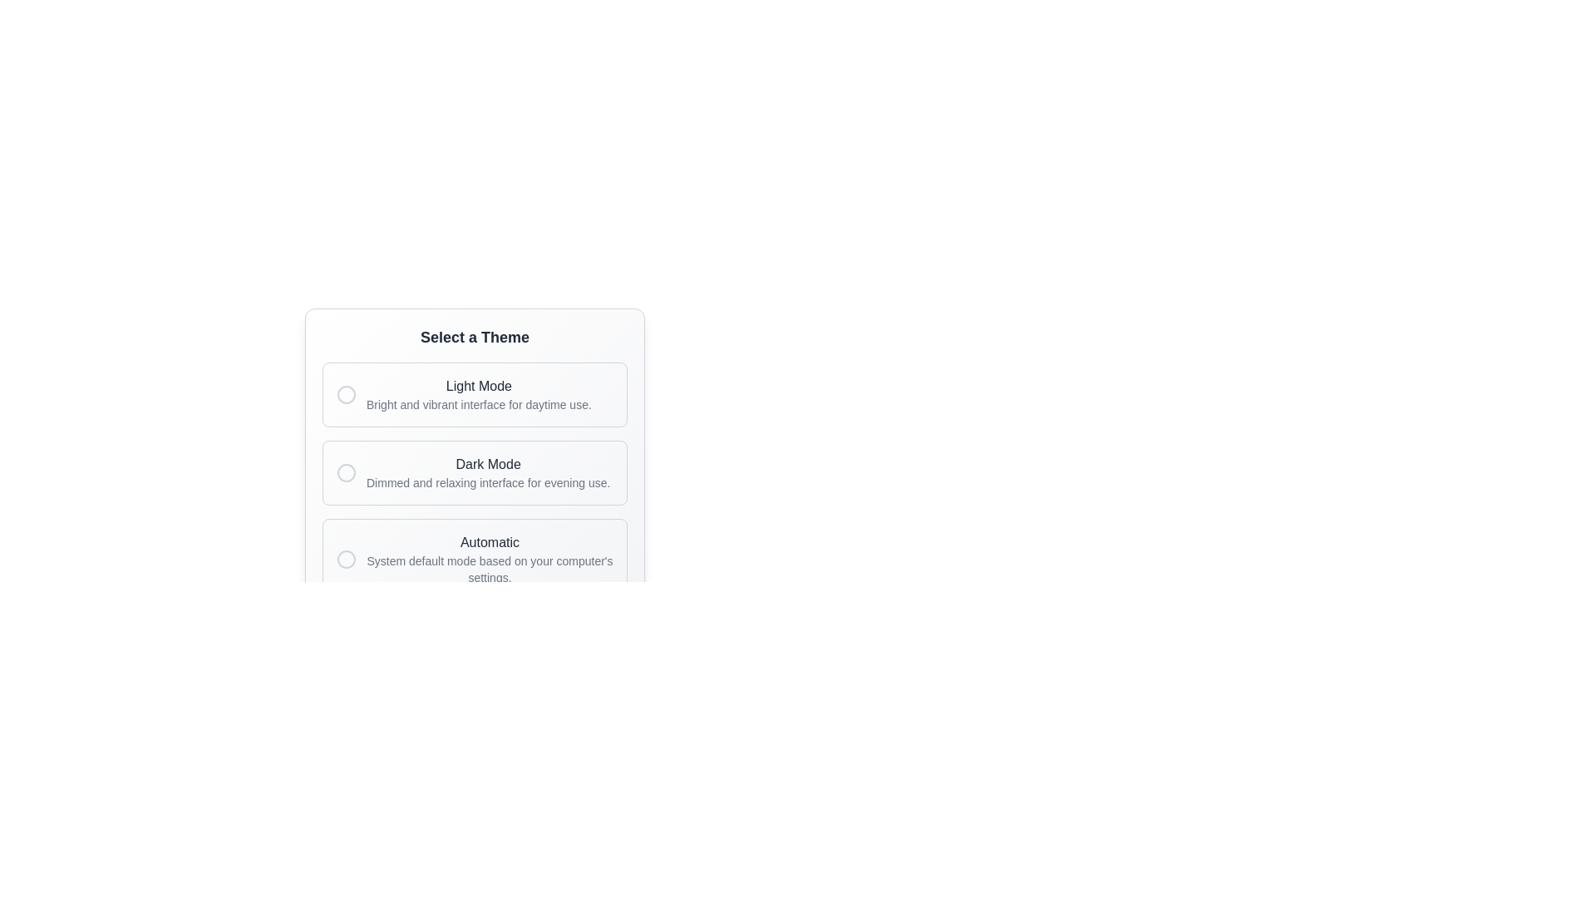  I want to click on the Selectable Option Group located beneath the 'Select a Theme' heading, so click(474, 481).